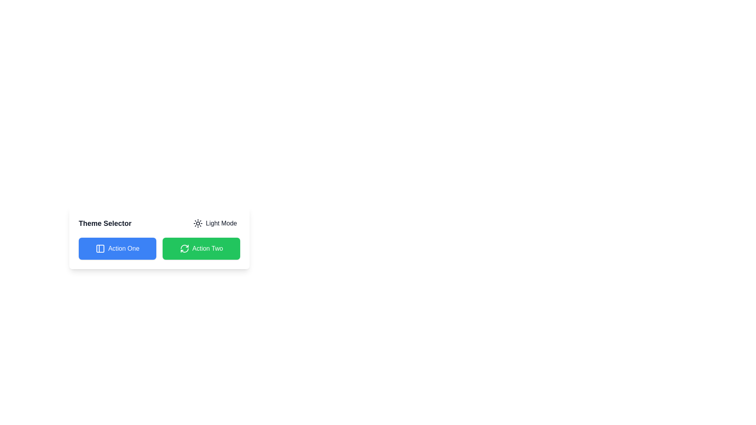 The width and height of the screenshot is (756, 425). What do you see at coordinates (100, 249) in the screenshot?
I see `the 'Action One' button, which is located to the right of the icon representing its function, under the 'Theme Selector' section` at bounding box center [100, 249].